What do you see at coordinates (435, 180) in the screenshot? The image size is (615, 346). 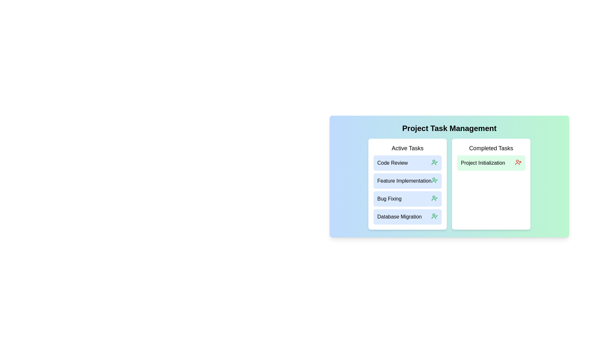 I see `the 'UserCheck' icon associated with the task 'Feature Implementation'` at bounding box center [435, 180].